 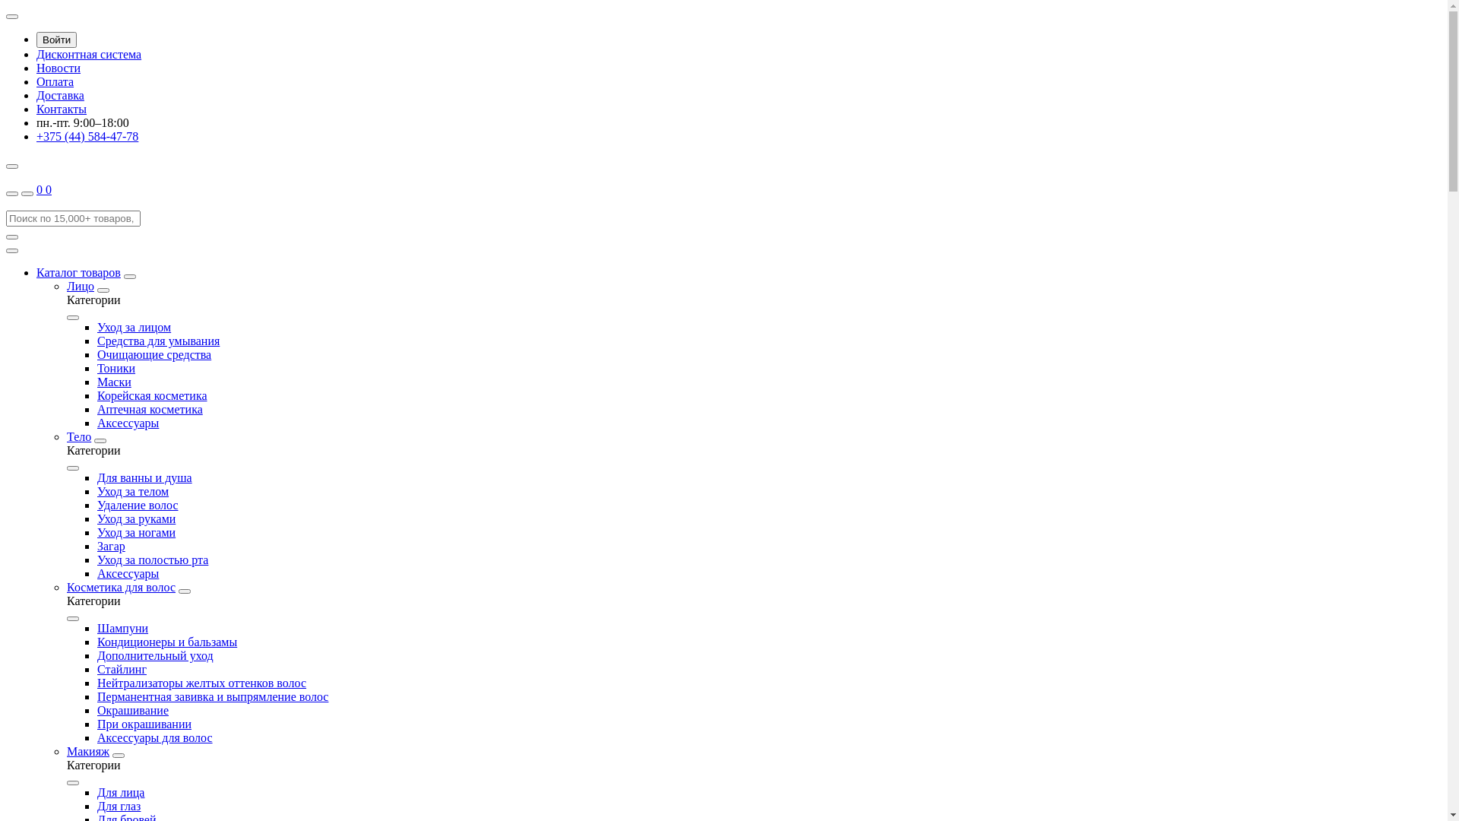 What do you see at coordinates (48, 189) in the screenshot?
I see `'0'` at bounding box center [48, 189].